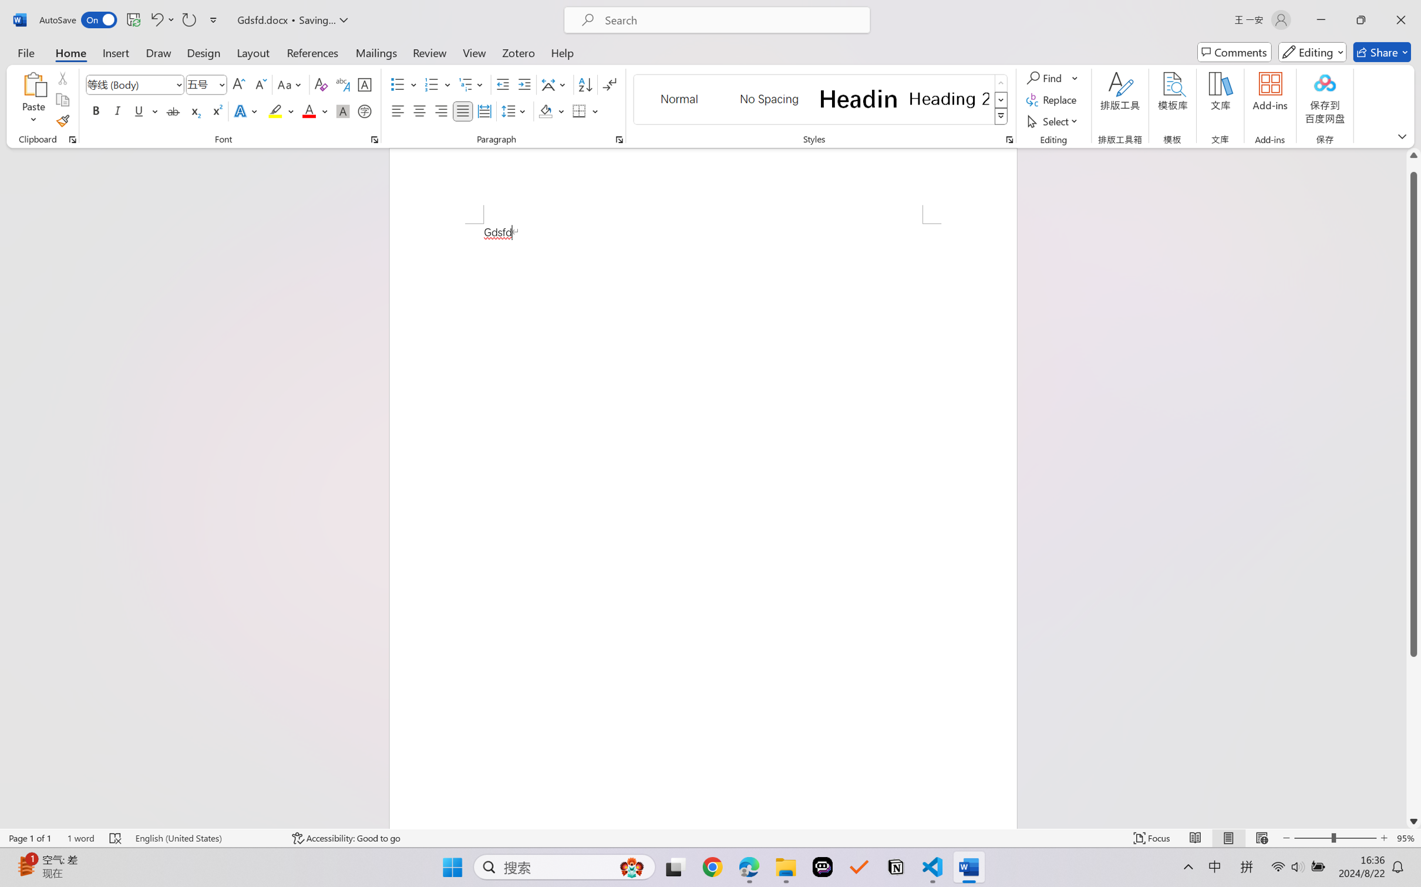  I want to click on 'Distributed', so click(483, 110).